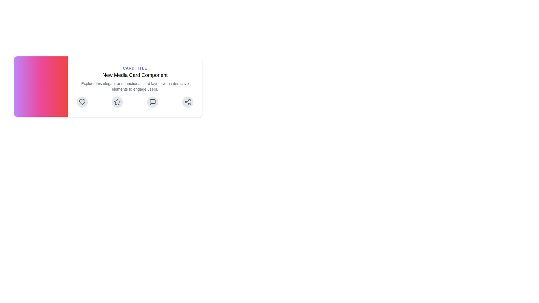  I want to click on the five-pointed star-shaped icon that is centrally placed among a horizontal array of four icons below the center-aligned text content within a card component, so click(117, 102).